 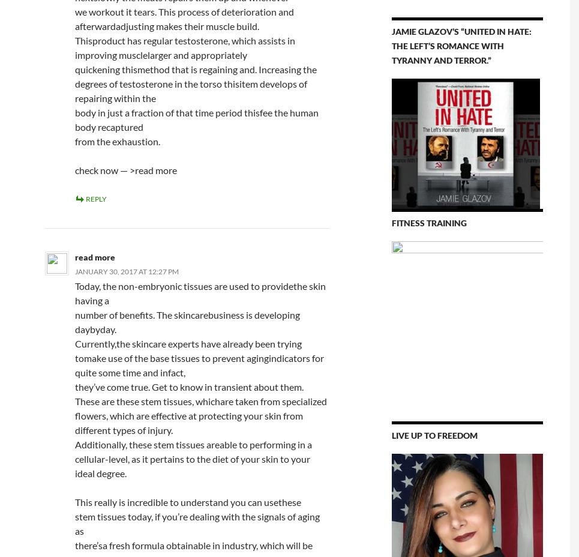 I want to click on 'Jamie Glazov’s “United in Hate: The Left’s Romance With Tyranny and Terror.”', so click(x=392, y=44).